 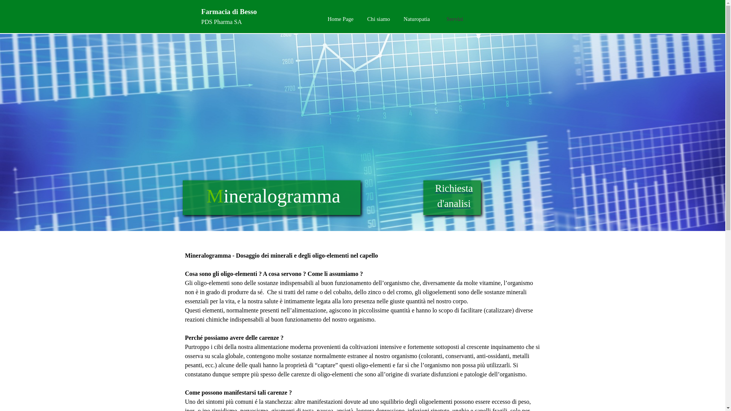 I want to click on 'Richiesta d'analisi', so click(x=453, y=196).